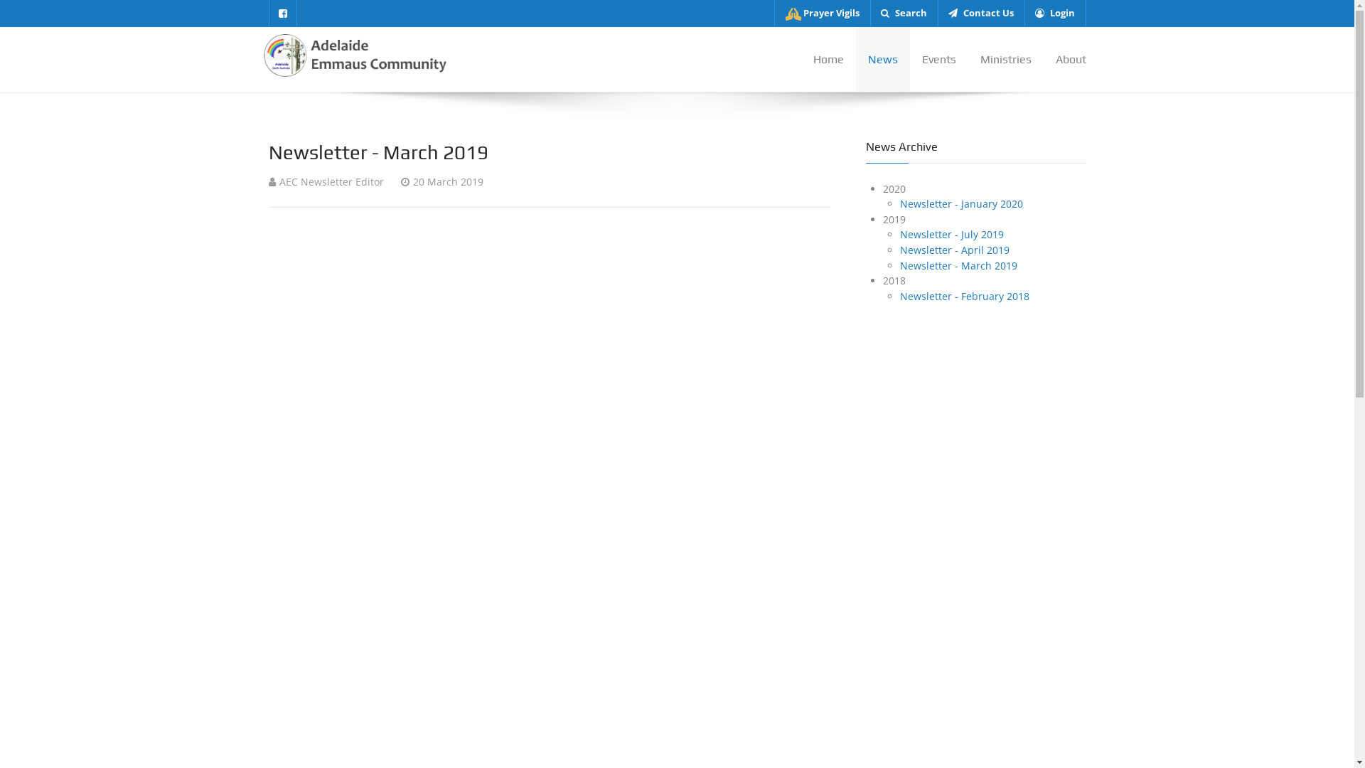 The image size is (1365, 768). I want to click on 'Adelaide Emmaus Community Facebook Group', so click(283, 14).